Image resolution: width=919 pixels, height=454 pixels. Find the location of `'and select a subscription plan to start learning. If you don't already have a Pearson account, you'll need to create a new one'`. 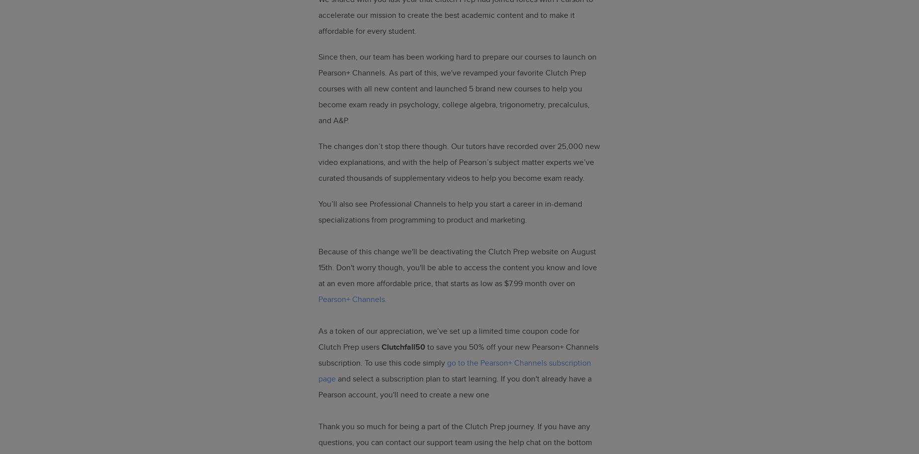

'and select a subscription plan to start learning. If you don't already have a Pearson account, you'll need to create a new one' is located at coordinates (455, 386).